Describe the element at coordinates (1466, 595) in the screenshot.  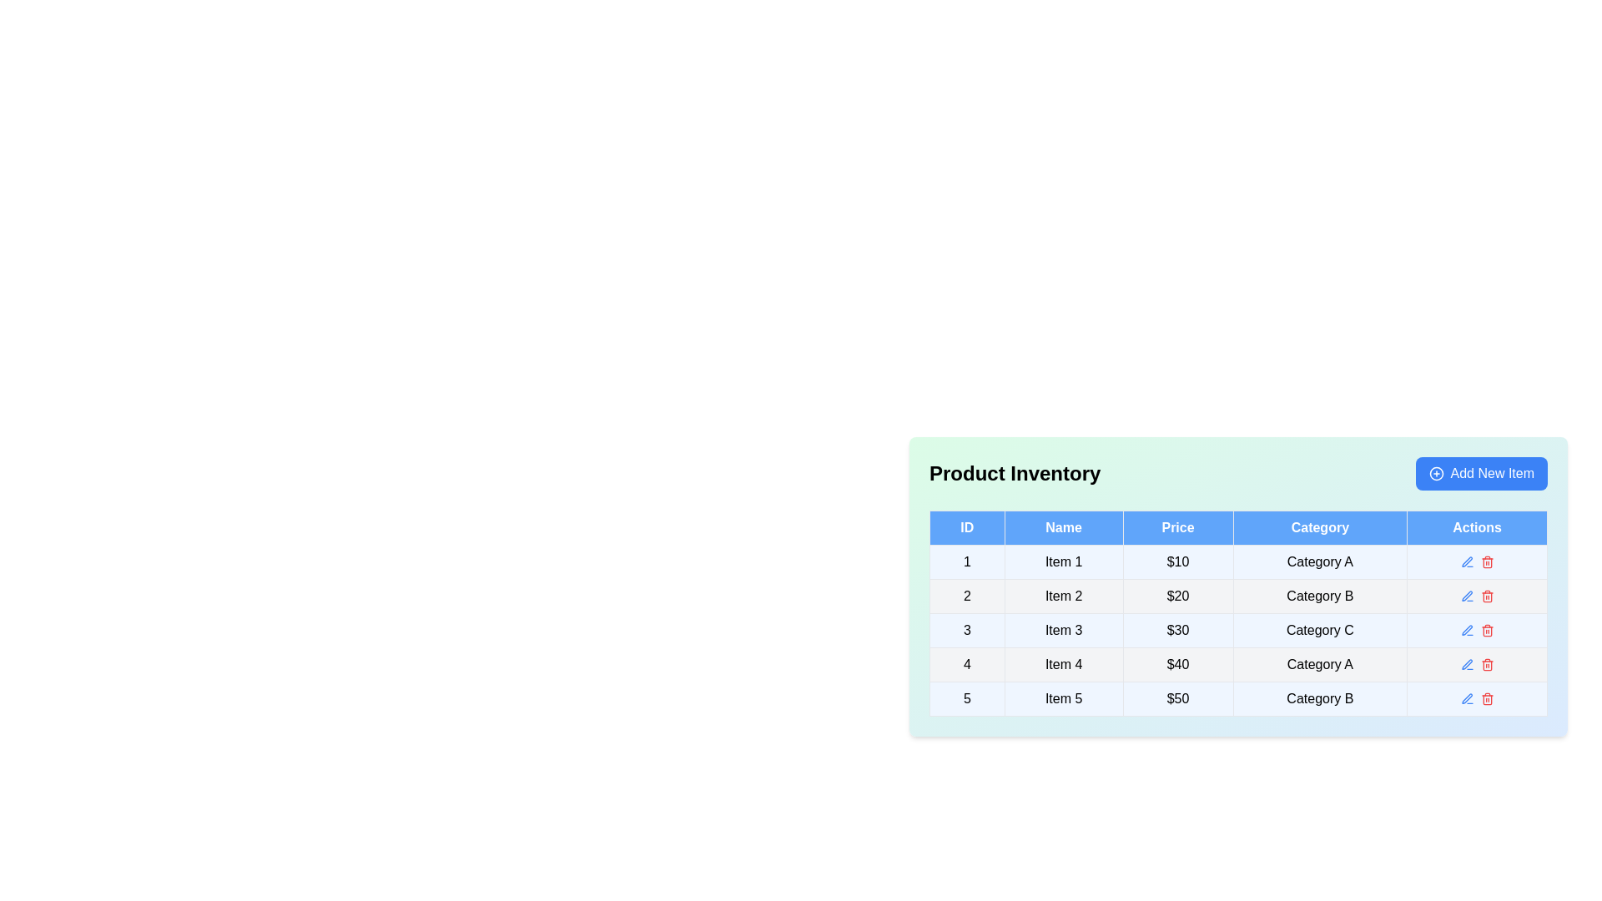
I see `the pen icon button in the 'Actions' column` at that location.